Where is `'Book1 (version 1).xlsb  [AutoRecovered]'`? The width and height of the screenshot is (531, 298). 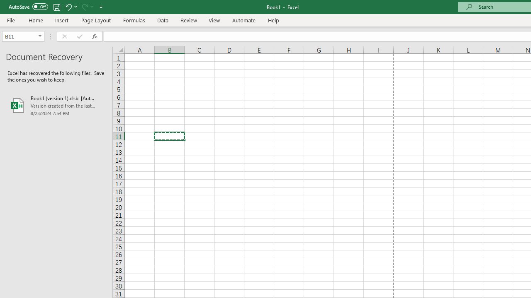
'Book1 (version 1).xlsb  [AutoRecovered]' is located at coordinates (56, 105).